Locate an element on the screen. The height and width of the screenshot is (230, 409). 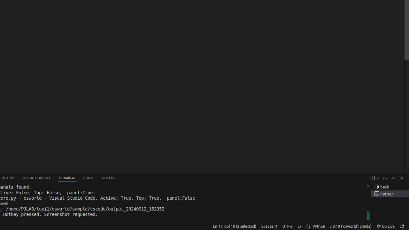
'Terminal 1 bash' is located at coordinates (390, 187).